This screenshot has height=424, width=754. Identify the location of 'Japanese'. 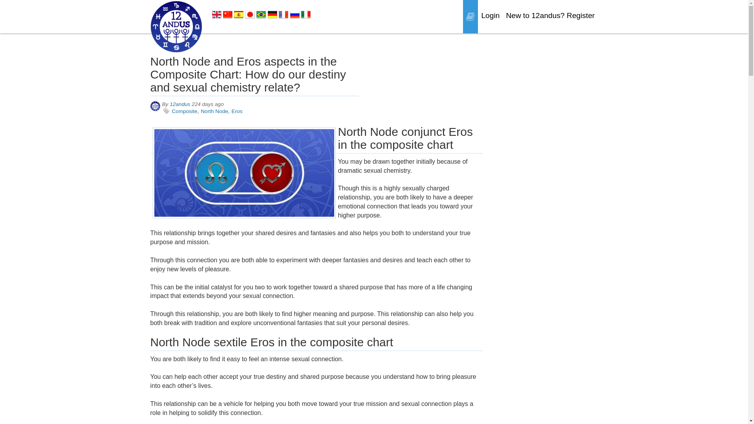
(250, 15).